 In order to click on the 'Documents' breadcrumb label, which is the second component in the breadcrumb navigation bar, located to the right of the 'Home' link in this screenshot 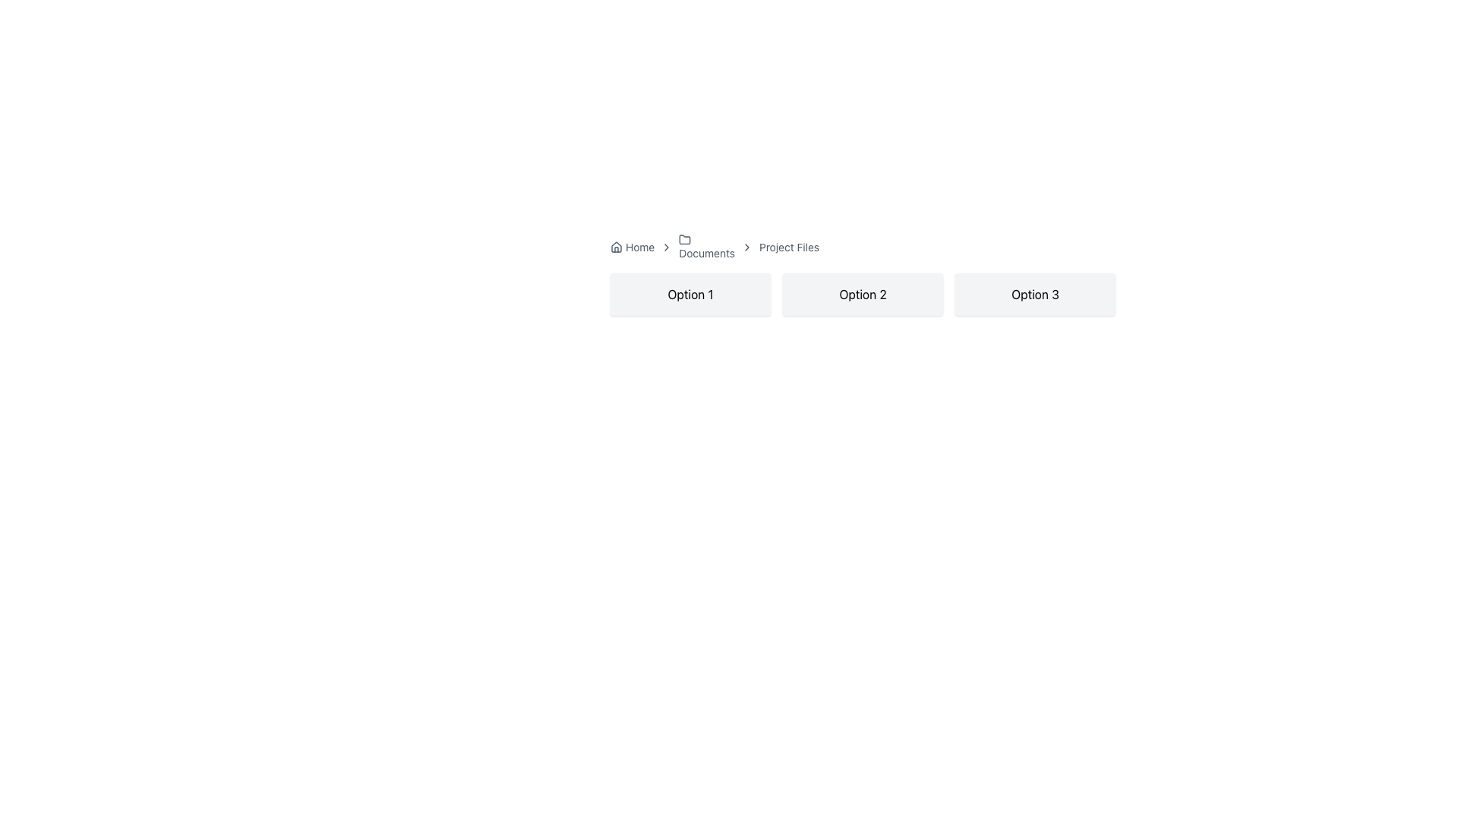, I will do `click(706, 247)`.